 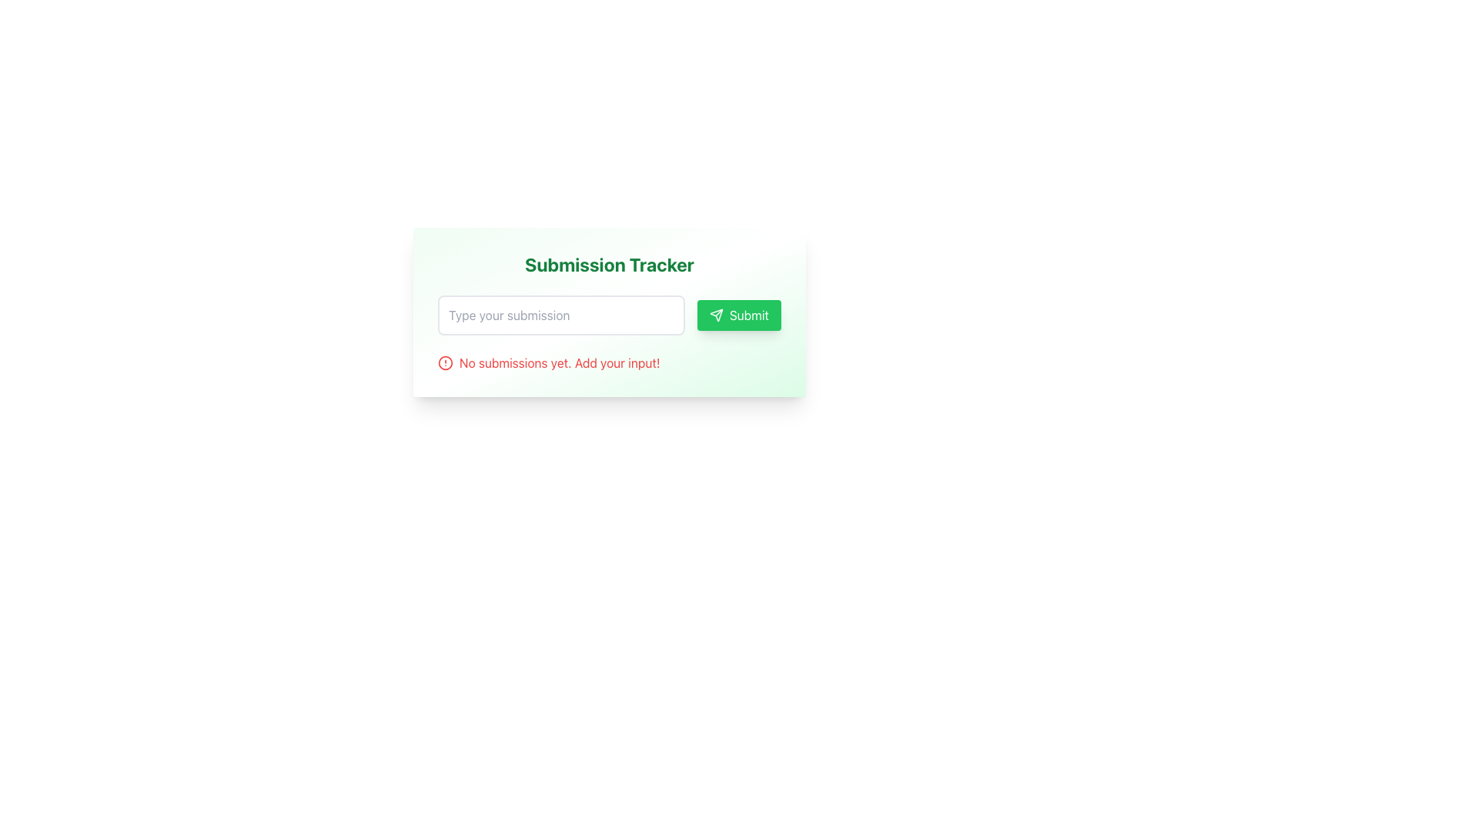 What do you see at coordinates (559, 362) in the screenshot?
I see `the text label that provides feedback or instructions to the user regarding a lack of submissions, located to the right of the alert icon in the submission card layout` at bounding box center [559, 362].